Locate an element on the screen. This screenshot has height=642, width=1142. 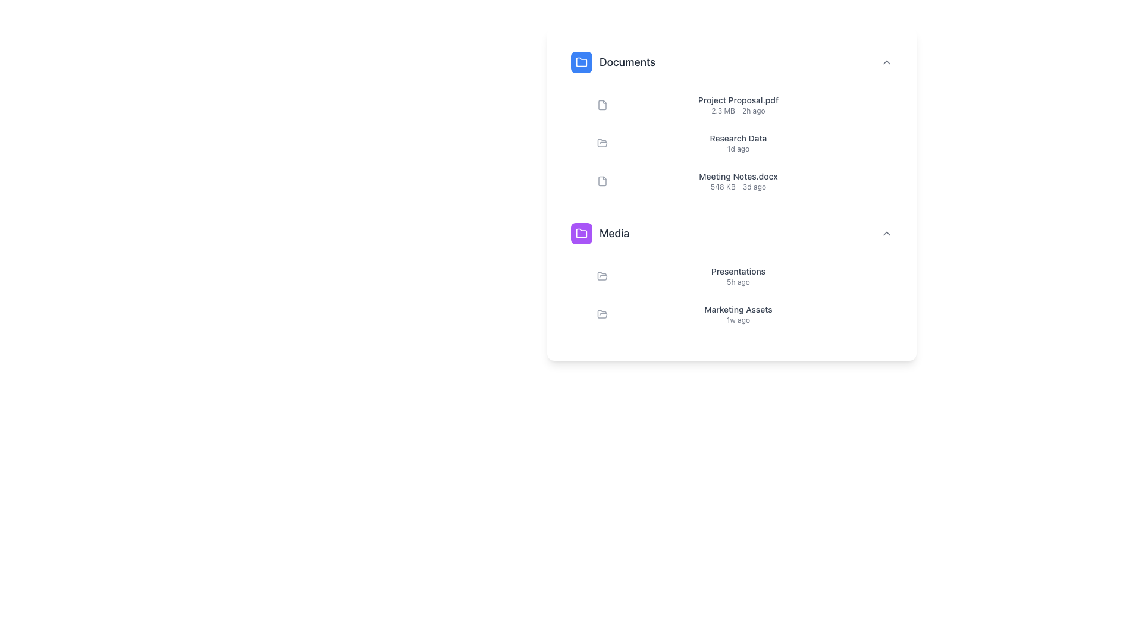
the blue circular icon with a white folder graphic located next to the 'Documents' label is located at coordinates (582, 62).